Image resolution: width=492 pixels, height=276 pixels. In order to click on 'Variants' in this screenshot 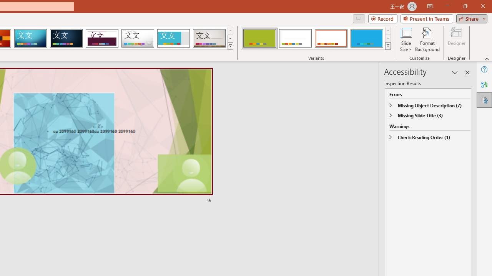, I will do `click(388, 46)`.